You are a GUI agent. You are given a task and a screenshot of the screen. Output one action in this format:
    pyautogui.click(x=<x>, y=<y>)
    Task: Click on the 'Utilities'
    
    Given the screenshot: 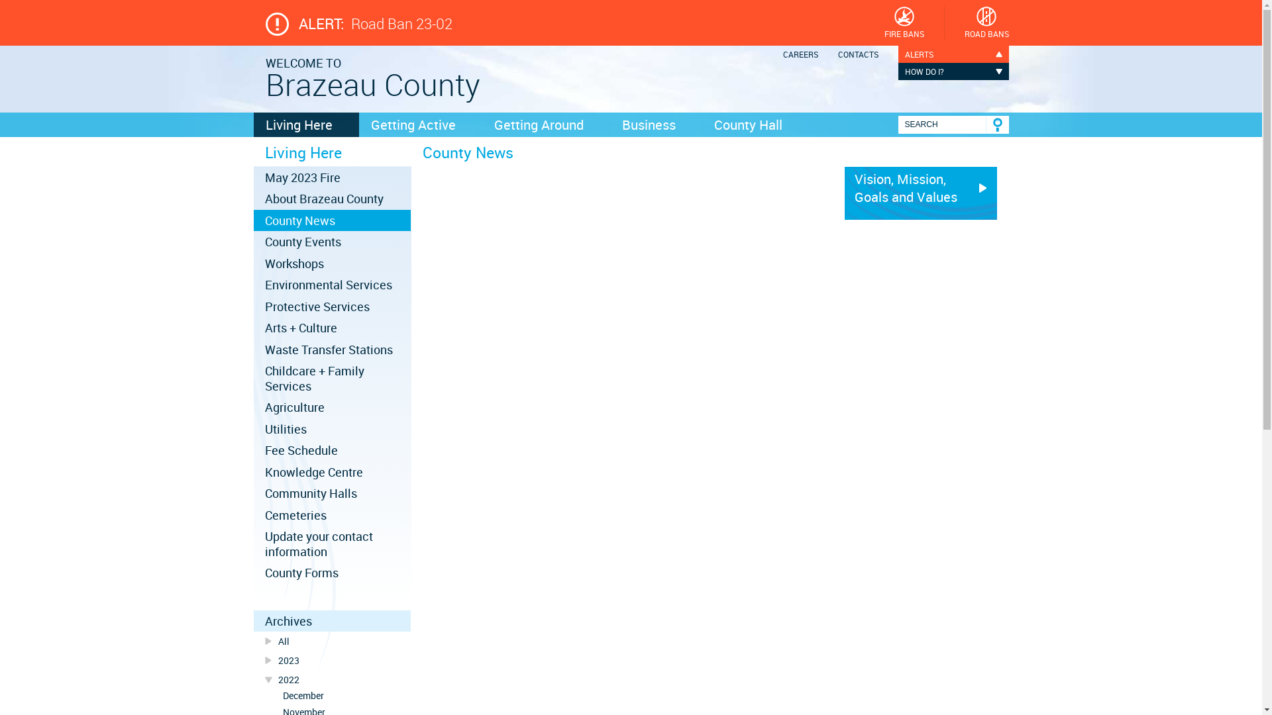 What is the action you would take?
    pyautogui.click(x=331, y=429)
    